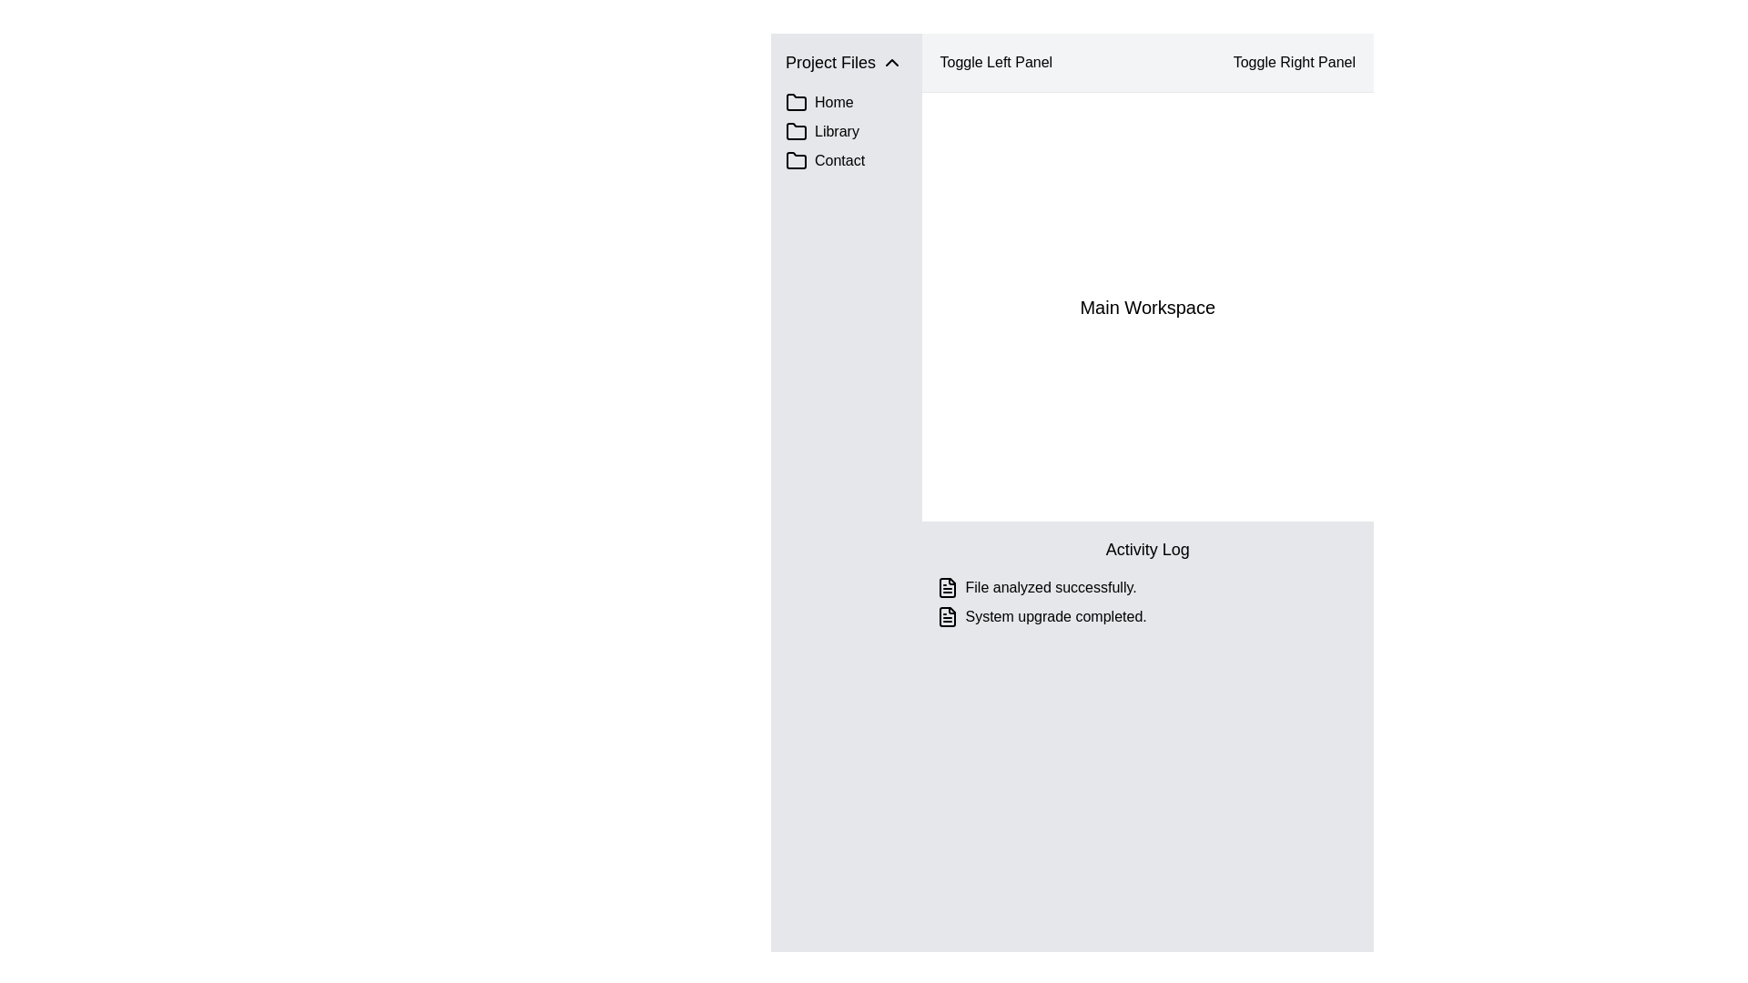  Describe the element at coordinates (796, 102) in the screenshot. I see `the folder icon located to the left of the 'Home' text label in the side navigation menu` at that location.